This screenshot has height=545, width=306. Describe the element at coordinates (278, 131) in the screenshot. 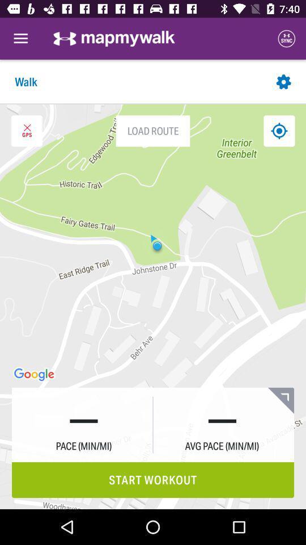

I see `icon to the right of the load route item` at that location.